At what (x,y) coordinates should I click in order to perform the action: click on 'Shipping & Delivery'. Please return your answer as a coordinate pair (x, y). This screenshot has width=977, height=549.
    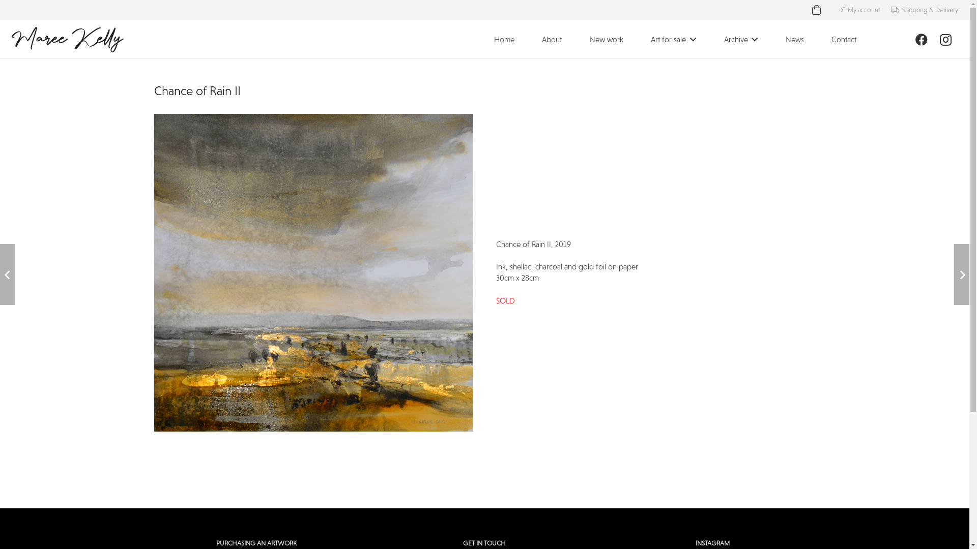
    Looking at the image, I should click on (924, 10).